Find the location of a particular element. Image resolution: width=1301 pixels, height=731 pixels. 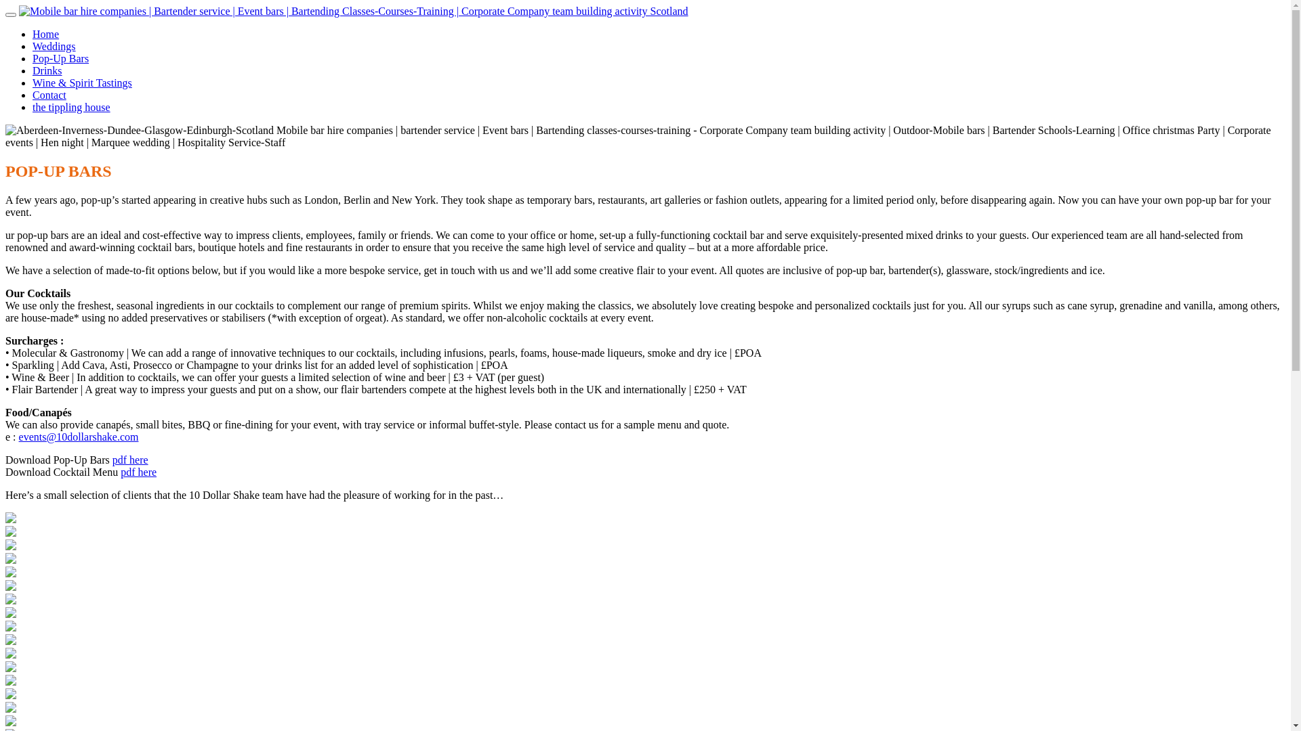

'Drinks' is located at coordinates (47, 70).